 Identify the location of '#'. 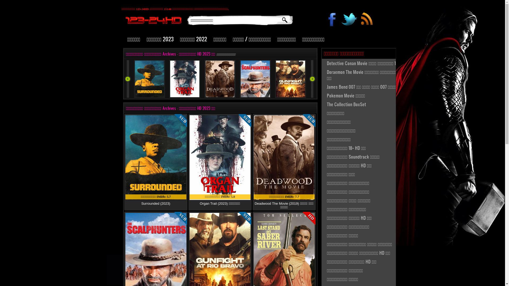
(366, 20).